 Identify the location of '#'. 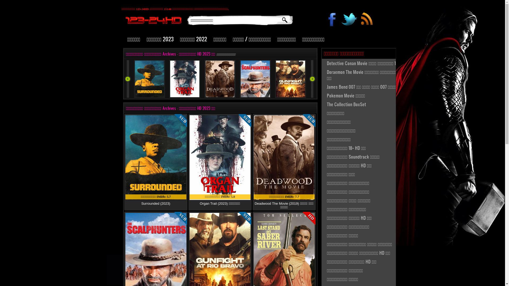
(366, 20).